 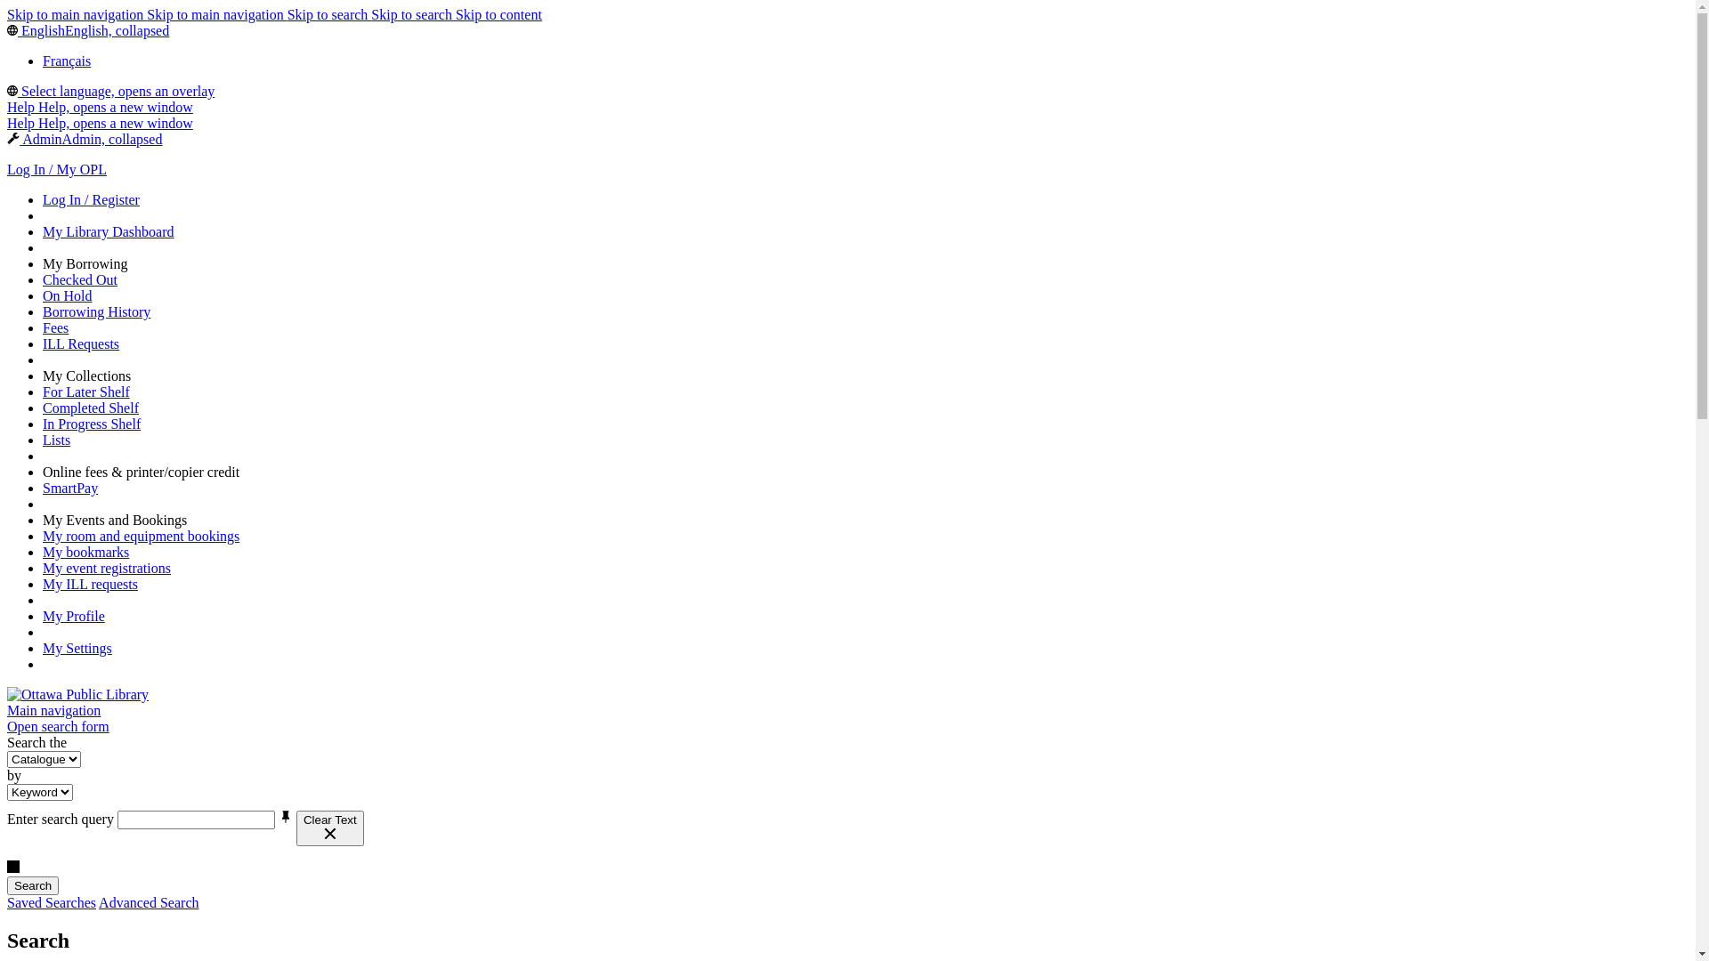 I want to click on 'Fees', so click(x=55, y=327).